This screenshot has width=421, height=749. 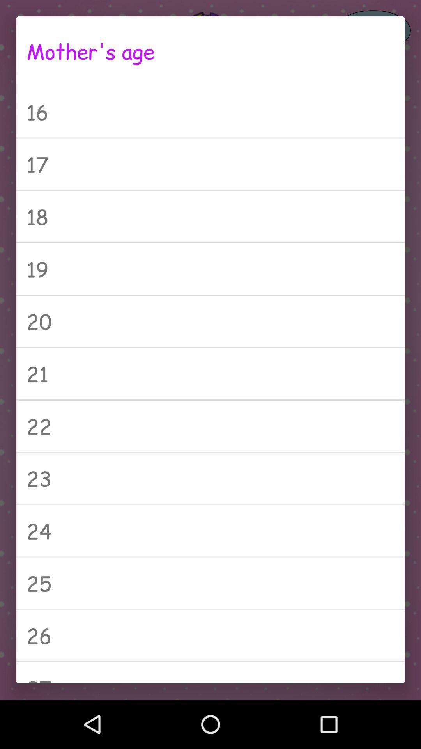 I want to click on item below the 25 icon, so click(x=210, y=635).